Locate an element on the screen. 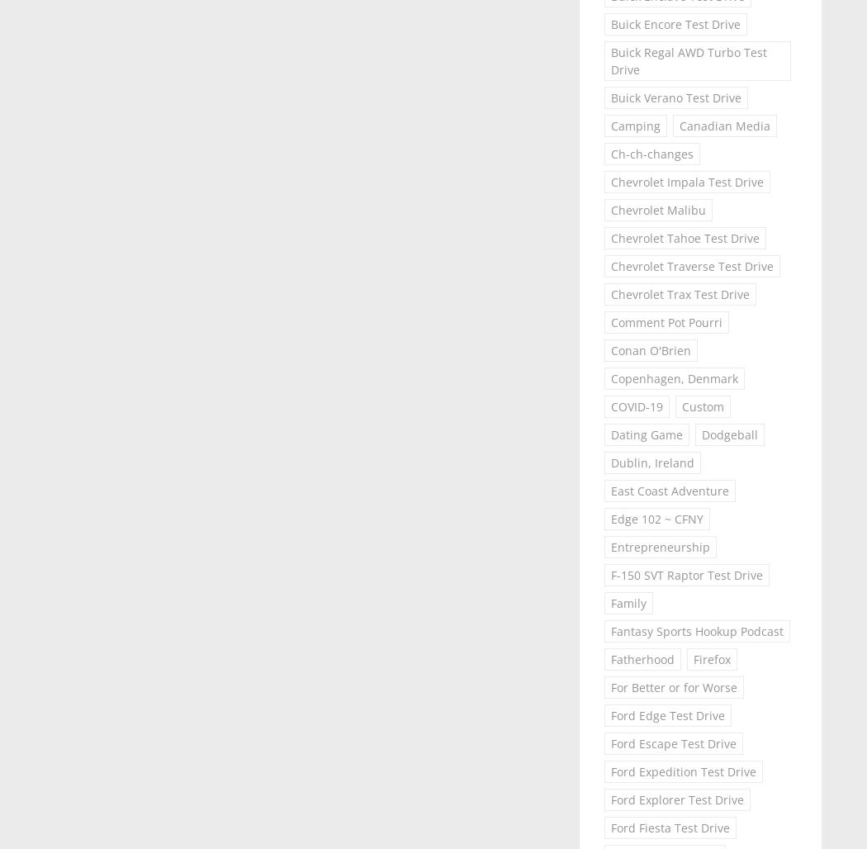 The image size is (867, 849). 'Entrepreneurship' is located at coordinates (659, 547).